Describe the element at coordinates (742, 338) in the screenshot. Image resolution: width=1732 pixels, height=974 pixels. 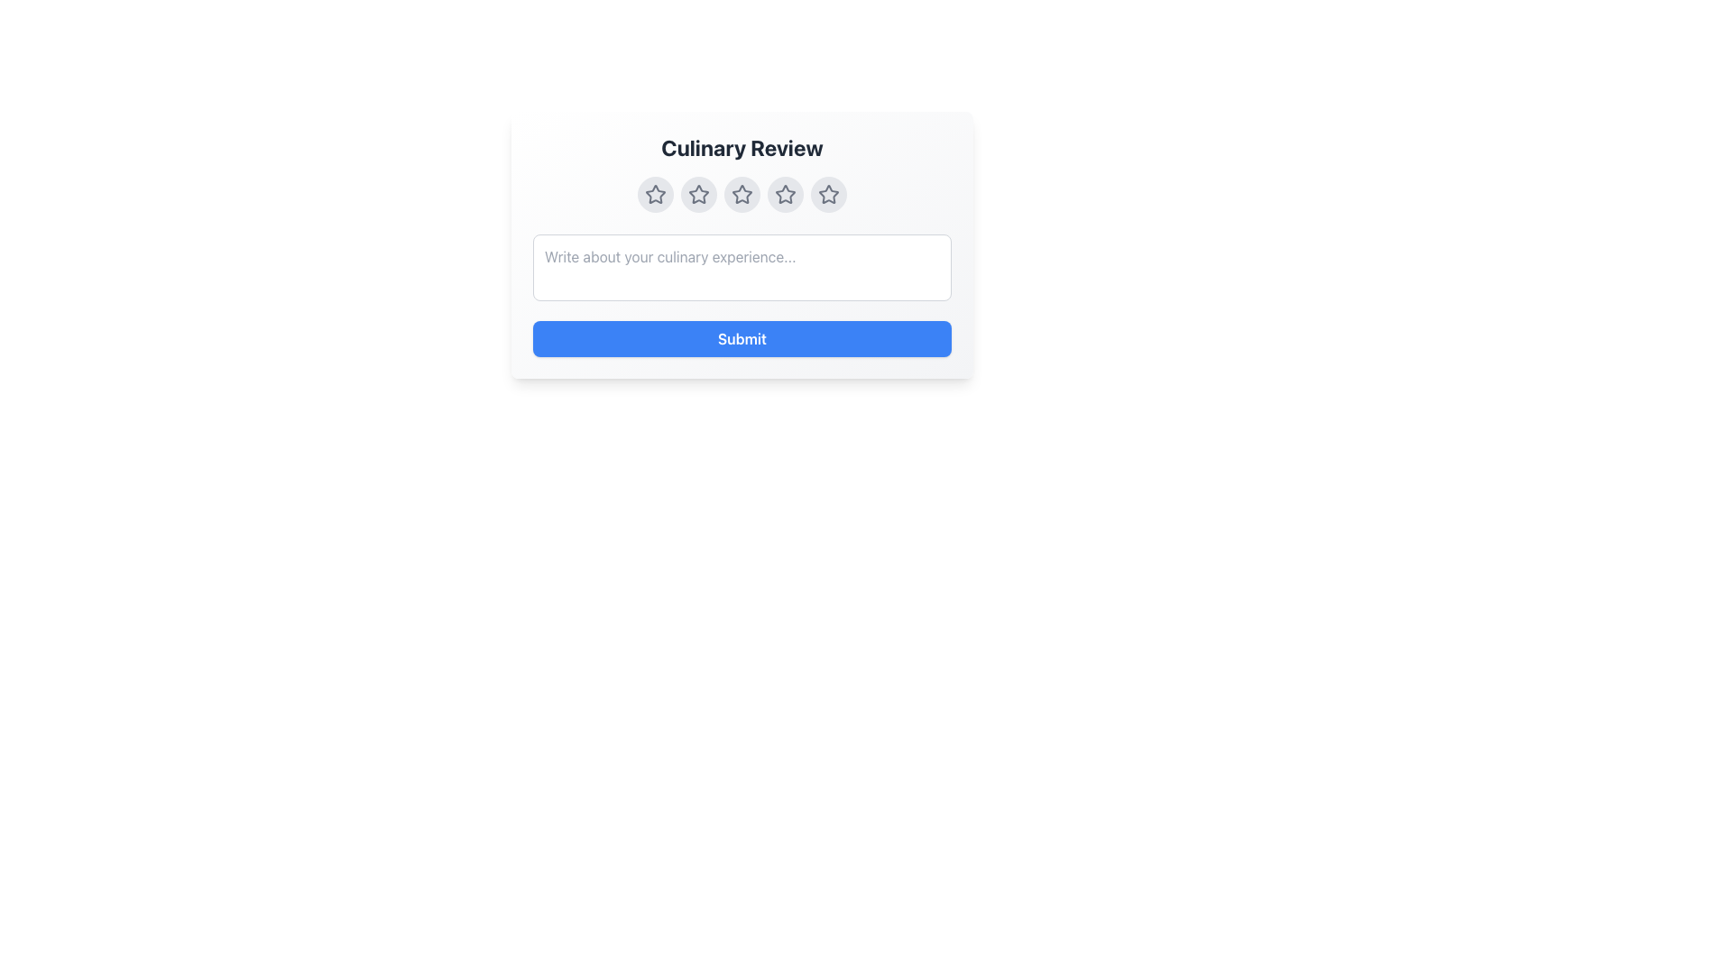
I see `the submission button located at the bottom of the 'Culinary Review' form` at that location.